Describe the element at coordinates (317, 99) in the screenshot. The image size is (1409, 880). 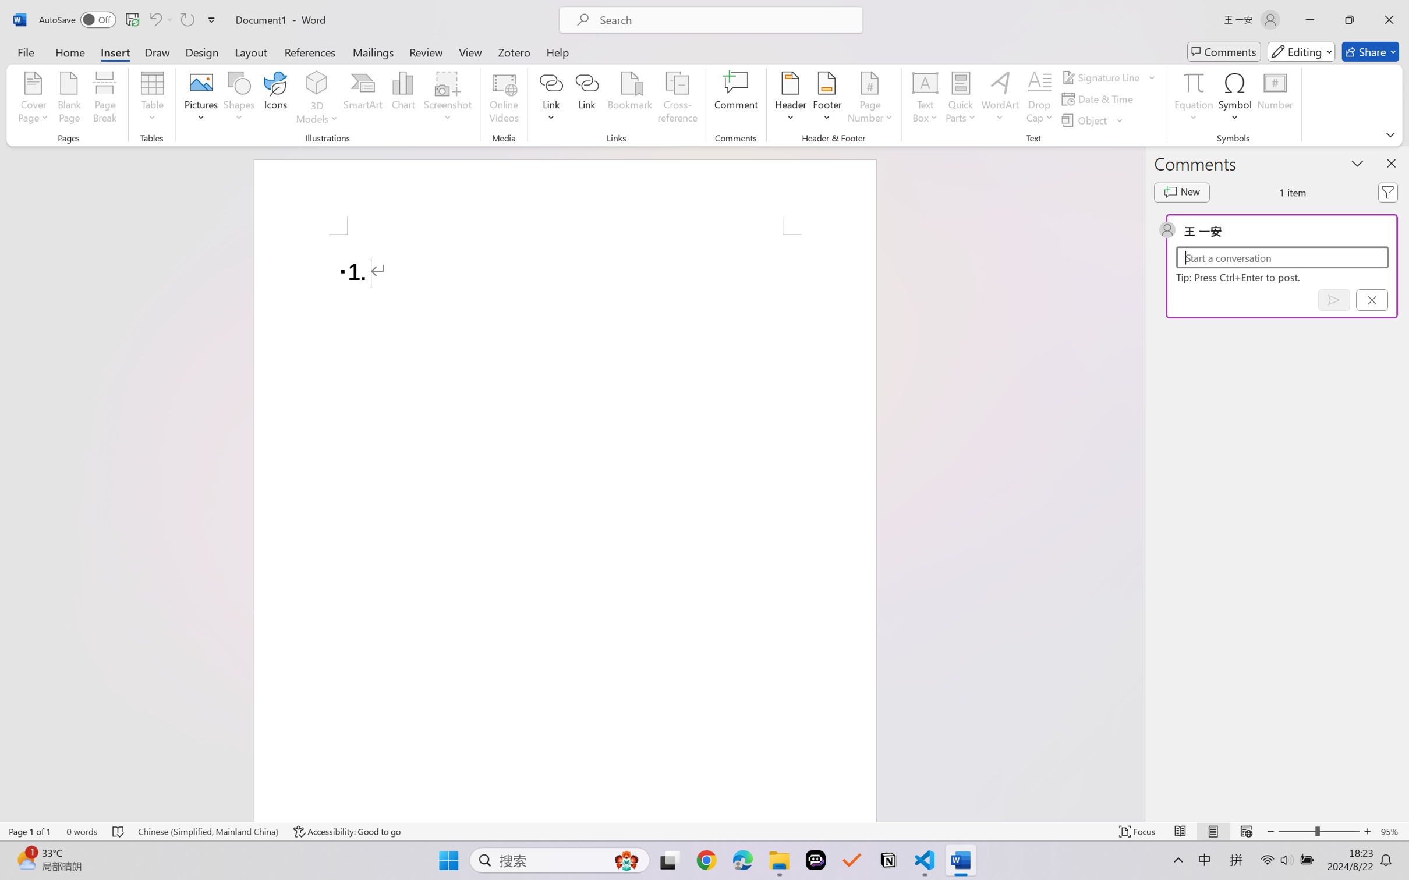
I see `'3D Models'` at that location.